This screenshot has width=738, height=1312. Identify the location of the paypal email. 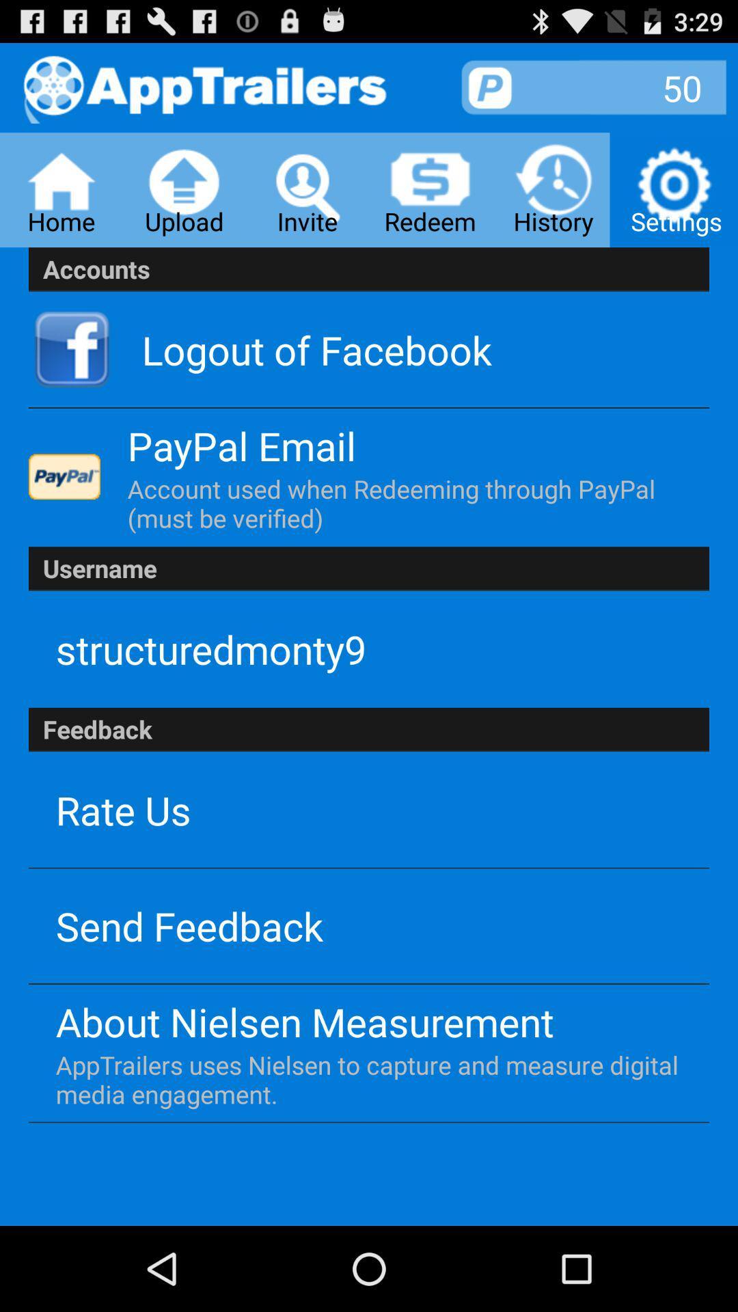
(241, 446).